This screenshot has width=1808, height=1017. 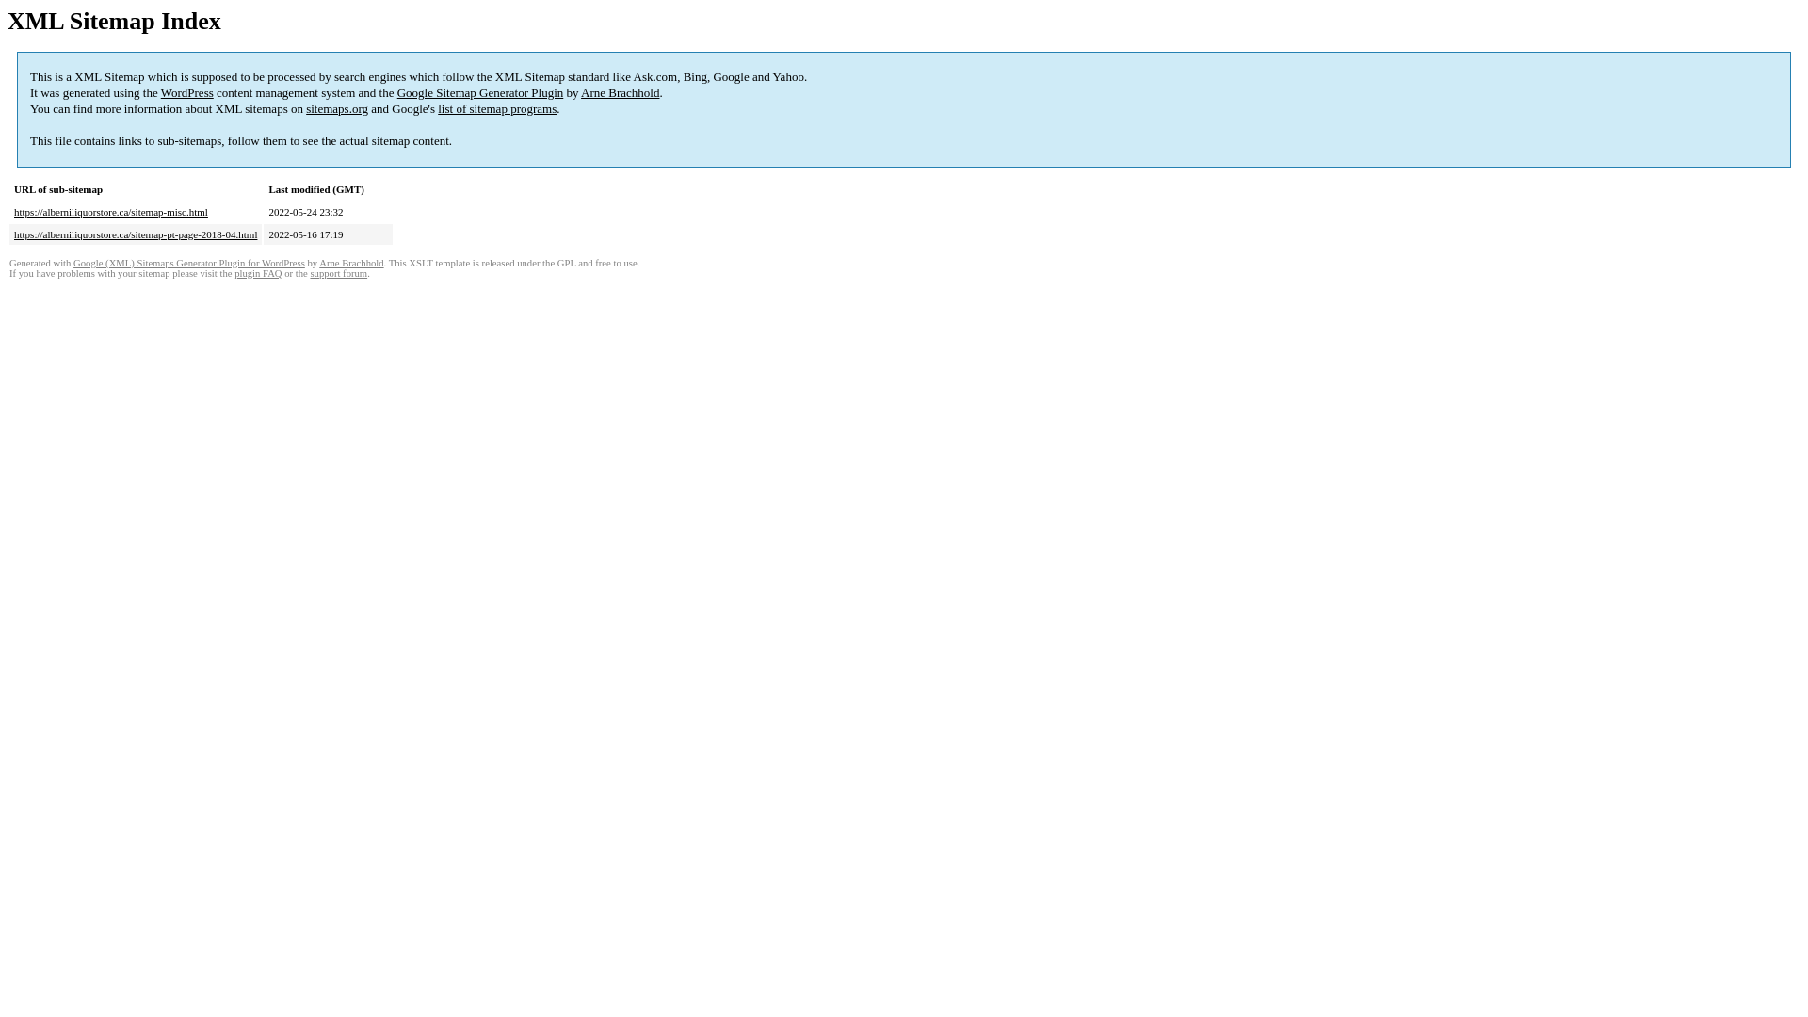 What do you see at coordinates (620, 92) in the screenshot?
I see `'Arne Brachhold'` at bounding box center [620, 92].